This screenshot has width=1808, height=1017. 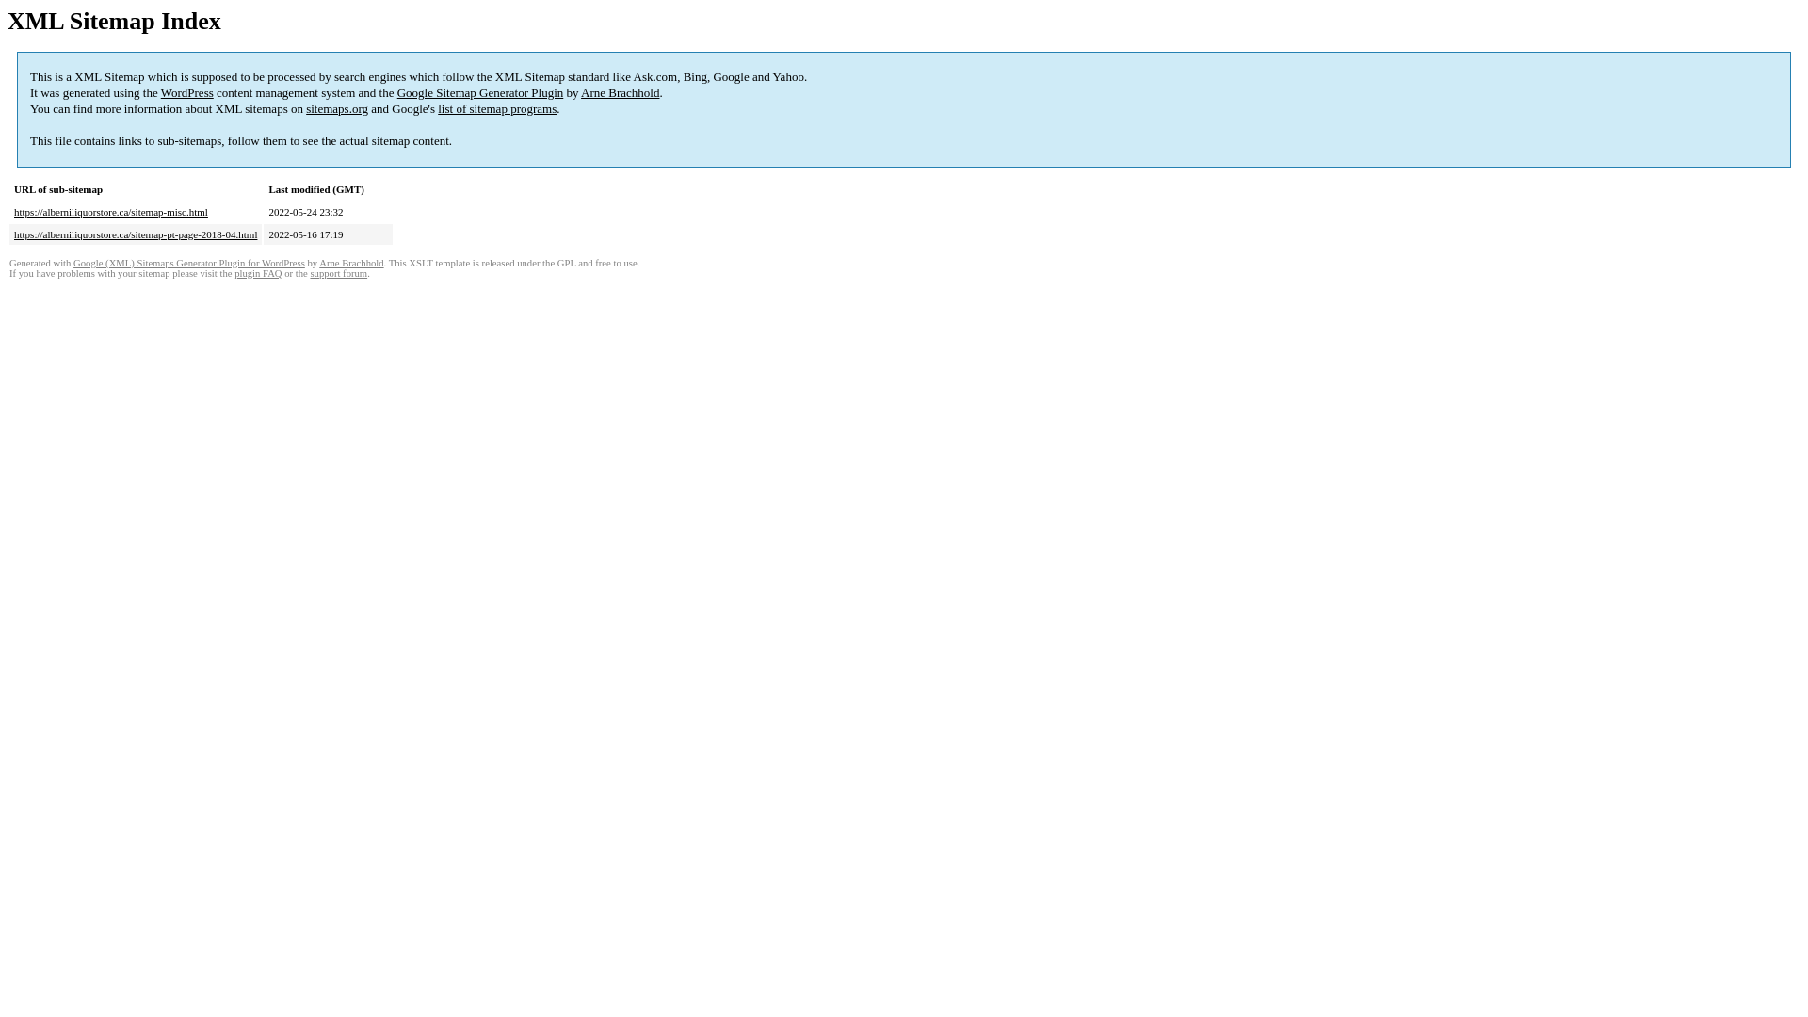 What do you see at coordinates (620, 92) in the screenshot?
I see `'Arne Brachhold'` at bounding box center [620, 92].